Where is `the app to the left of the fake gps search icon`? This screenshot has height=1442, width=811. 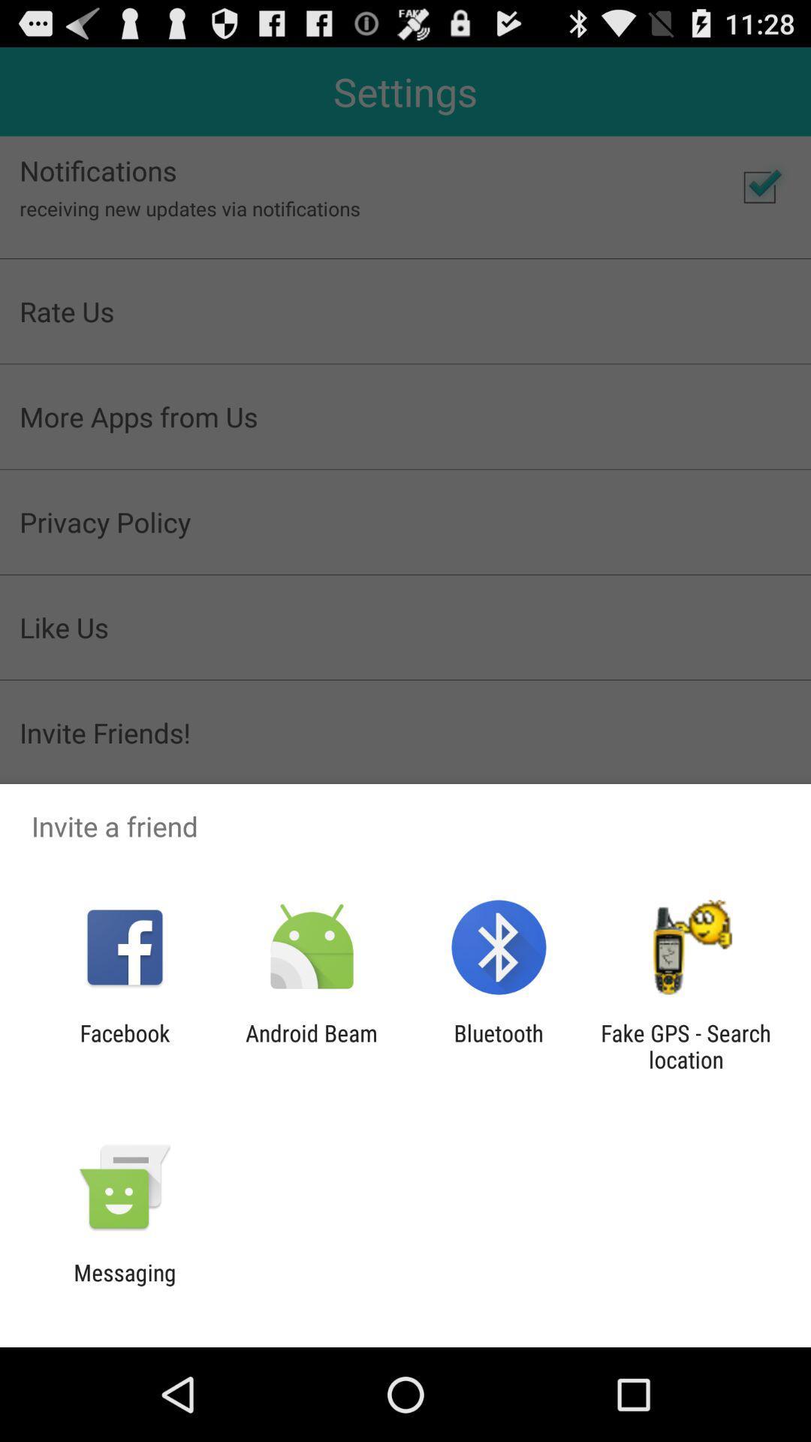 the app to the left of the fake gps search icon is located at coordinates (499, 1045).